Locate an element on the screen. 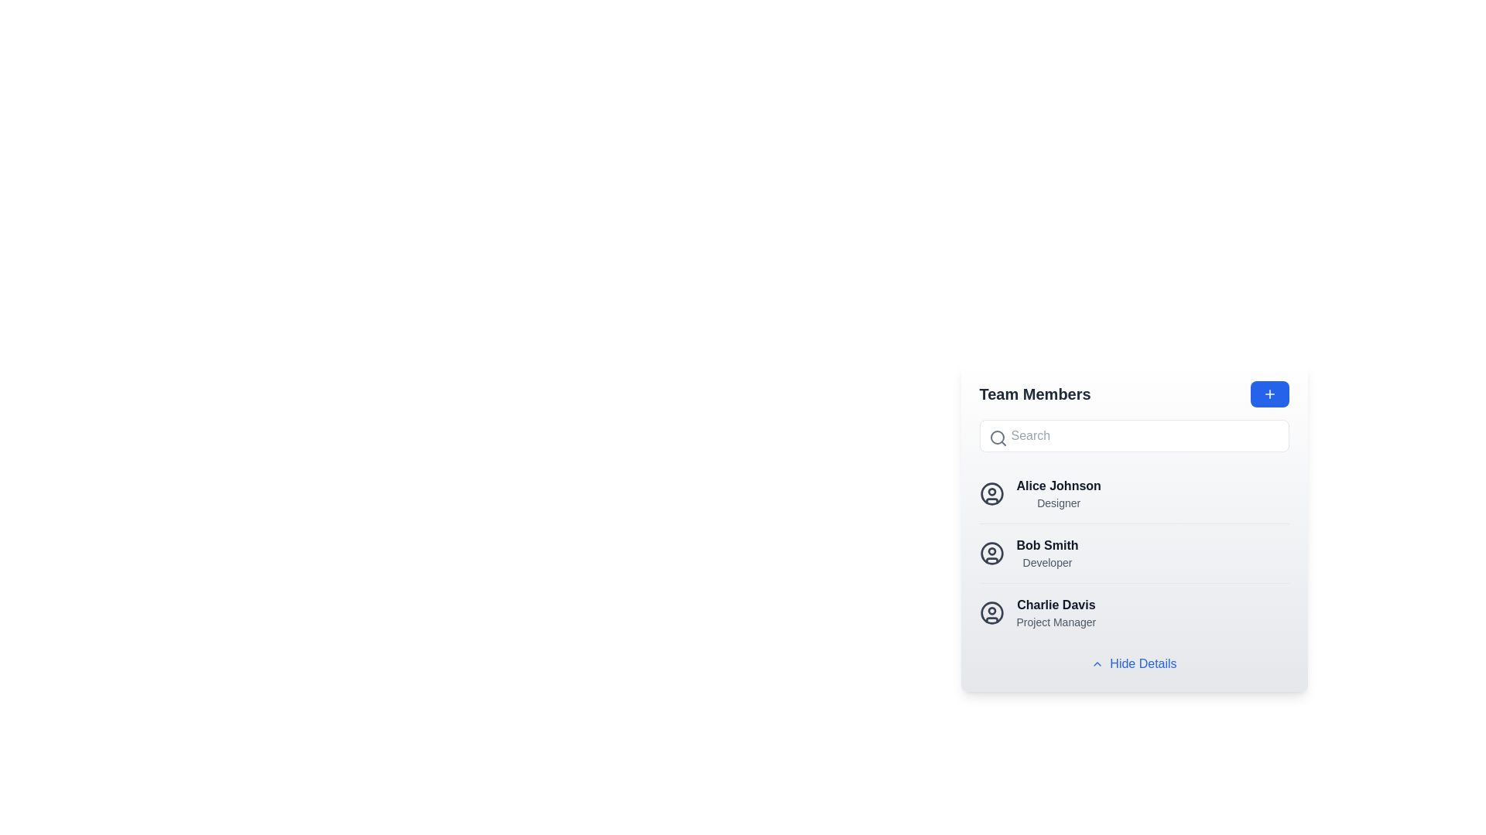 The width and height of the screenshot is (1486, 835). the circular user icon representing a team member, located to the left of the 'Charlie Davis' text and 'Project Manager' subtitle in the third row of the 'Team Members' list is located at coordinates (991, 612).